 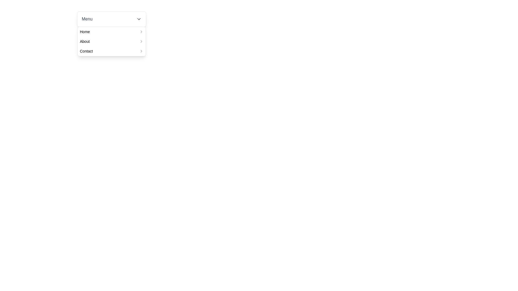 I want to click on the dropdown toggle button located at the top of the content list, so click(x=111, y=19).